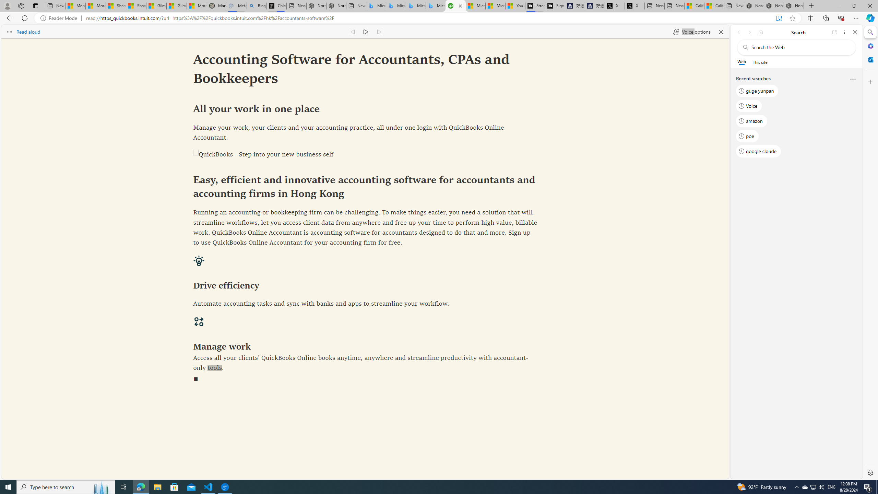 Image resolution: width=878 pixels, height=494 pixels. What do you see at coordinates (794, 5) in the screenshot?
I see `'Nordace - Siena Pro 15 Essential Set'` at bounding box center [794, 5].